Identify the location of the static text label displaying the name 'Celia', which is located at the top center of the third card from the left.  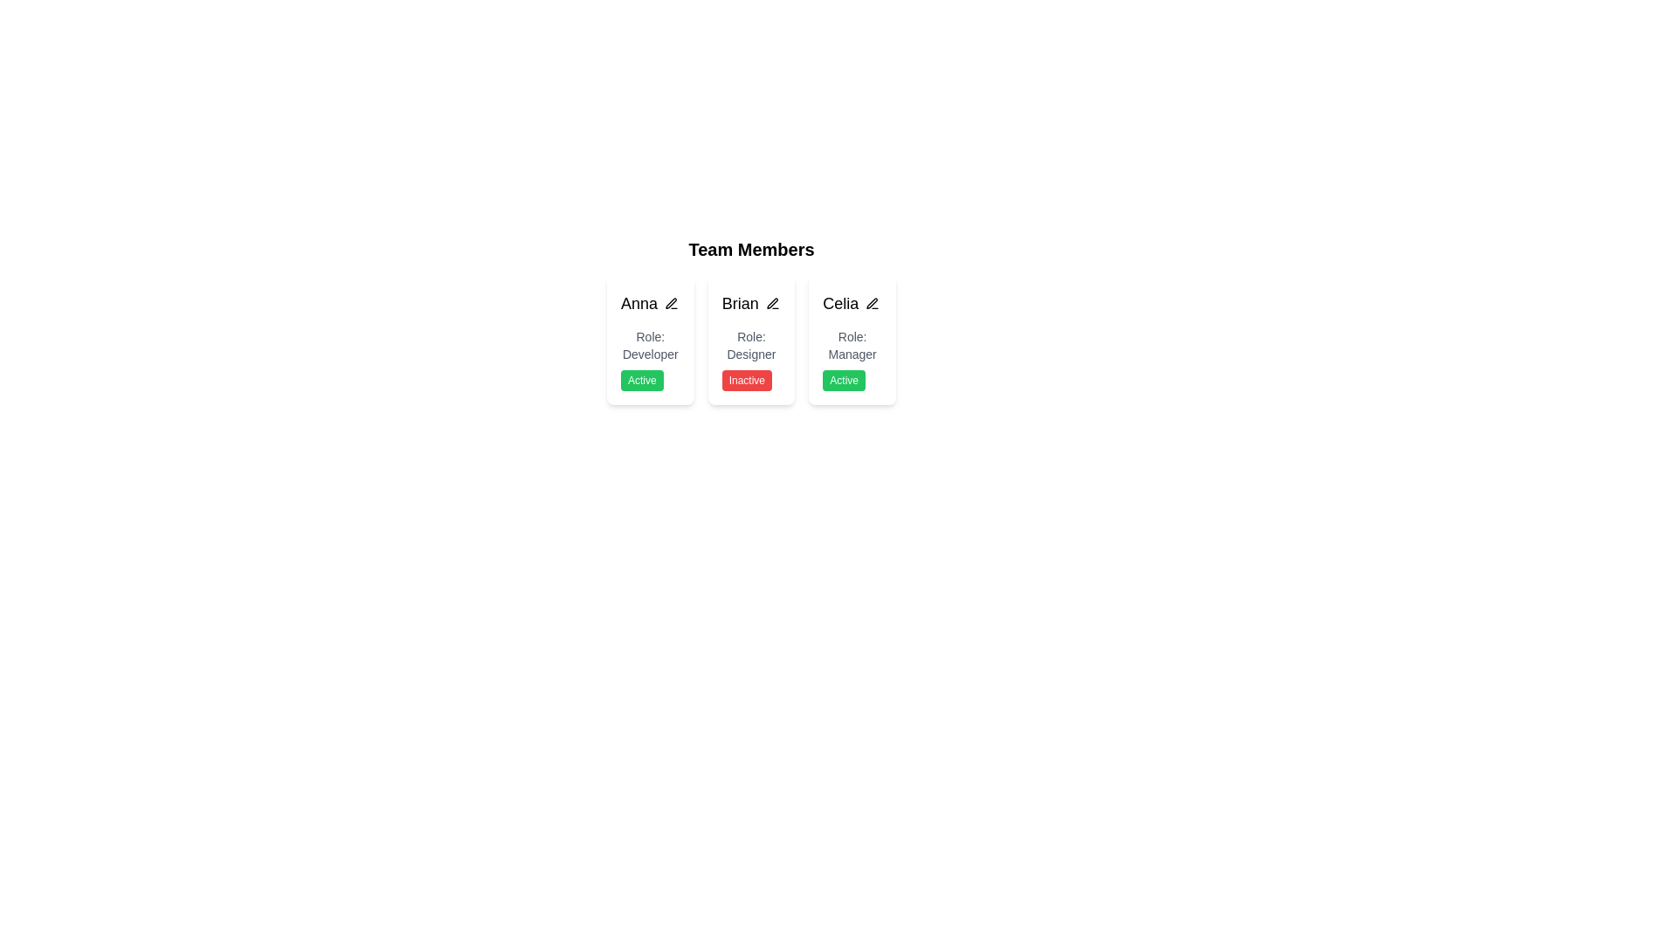
(840, 302).